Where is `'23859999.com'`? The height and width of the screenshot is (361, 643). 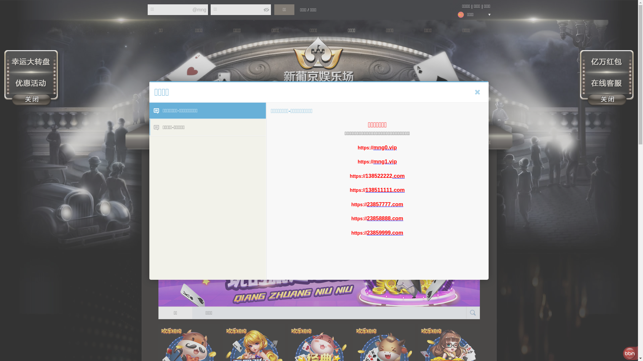 '23859999.com' is located at coordinates (385, 232).